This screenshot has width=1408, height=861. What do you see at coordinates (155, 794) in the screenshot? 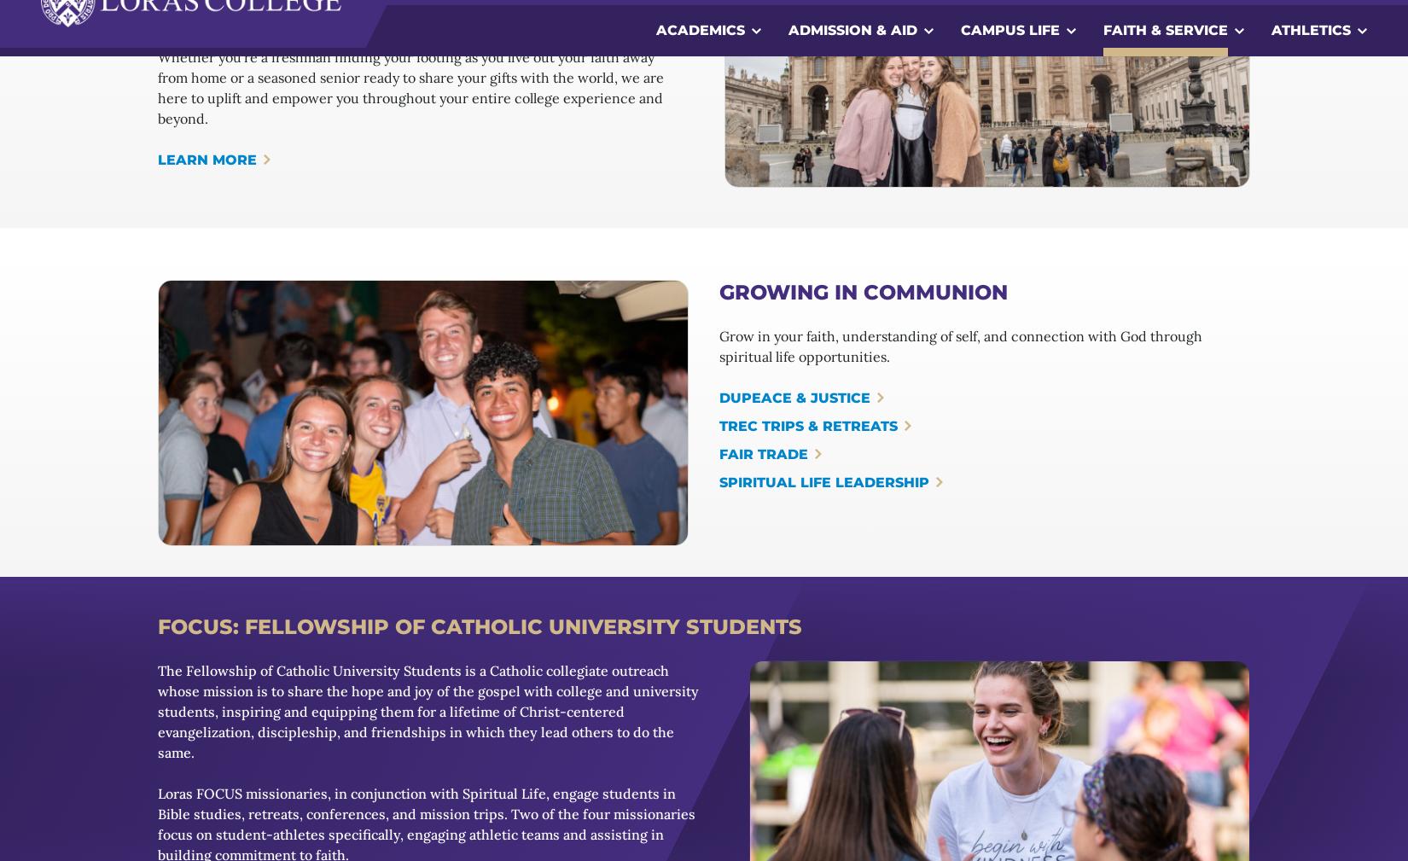
I see `'college’s privacy and cookie policy.'` at bounding box center [155, 794].